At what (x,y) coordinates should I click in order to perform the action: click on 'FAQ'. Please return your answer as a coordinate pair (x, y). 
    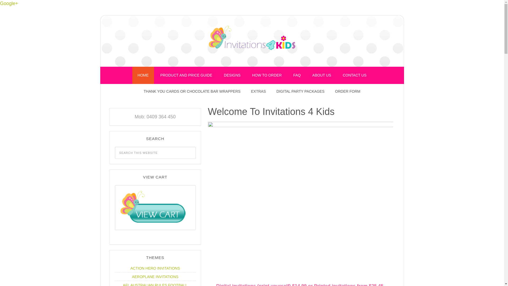
    Looking at the image, I should click on (297, 75).